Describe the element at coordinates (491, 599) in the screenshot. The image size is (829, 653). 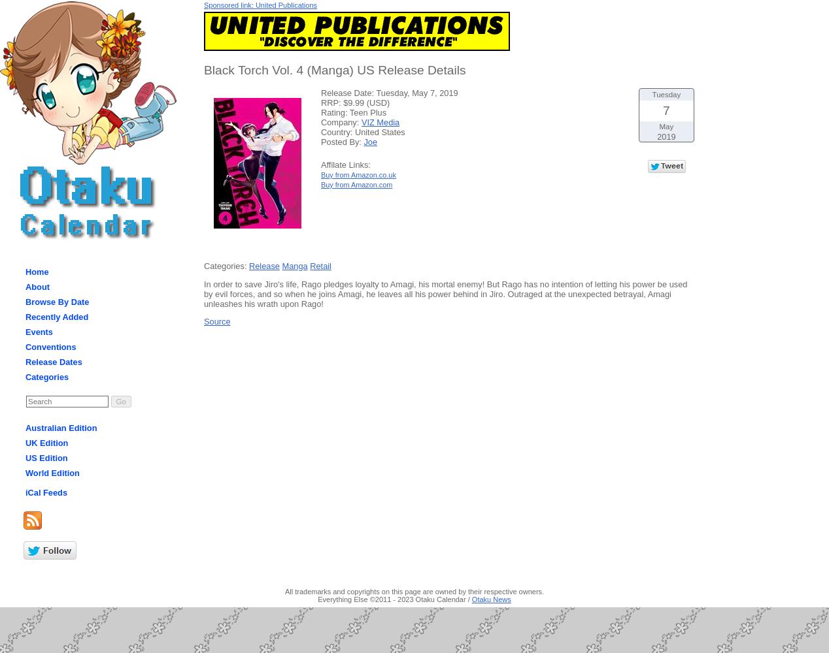
I see `'Otaku
                News'` at that location.